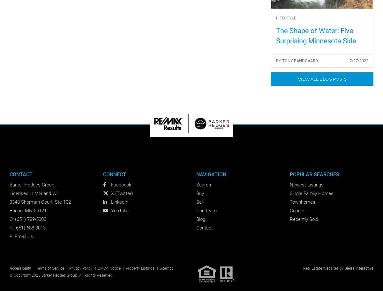 Image resolution: width=383 pixels, height=291 pixels. Describe the element at coordinates (28, 210) in the screenshot. I see `'Eagan, MN 55121'` at that location.